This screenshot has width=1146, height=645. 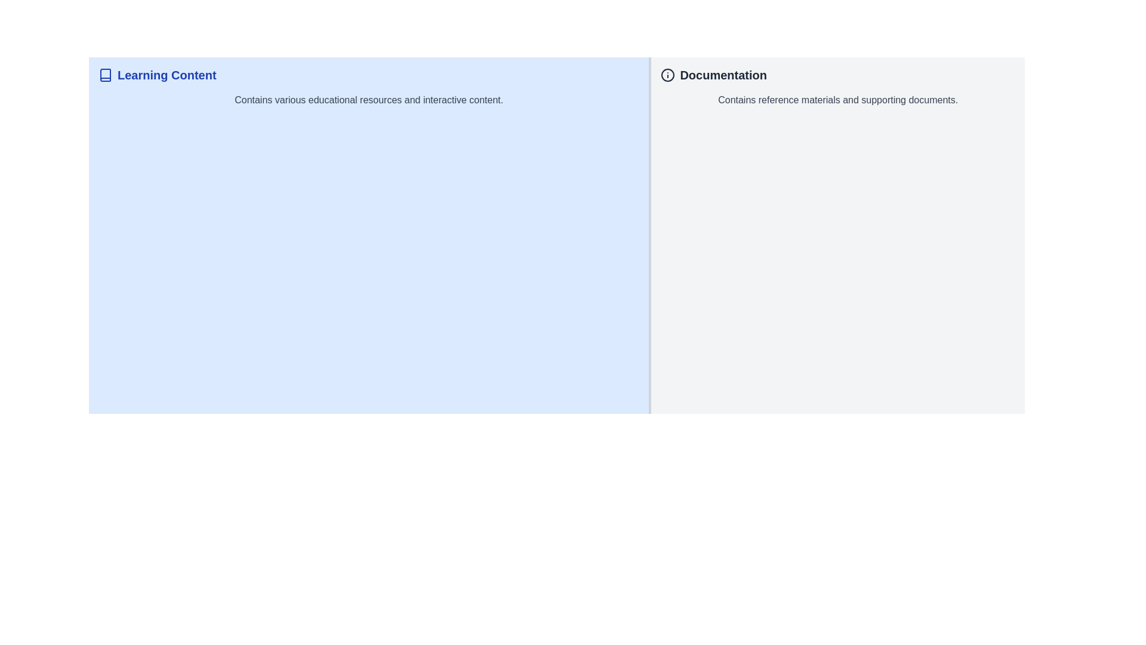 I want to click on the book icon located at the top-left corner of the left column, adjacent to the text label 'Learning Content' for context, so click(x=106, y=75).